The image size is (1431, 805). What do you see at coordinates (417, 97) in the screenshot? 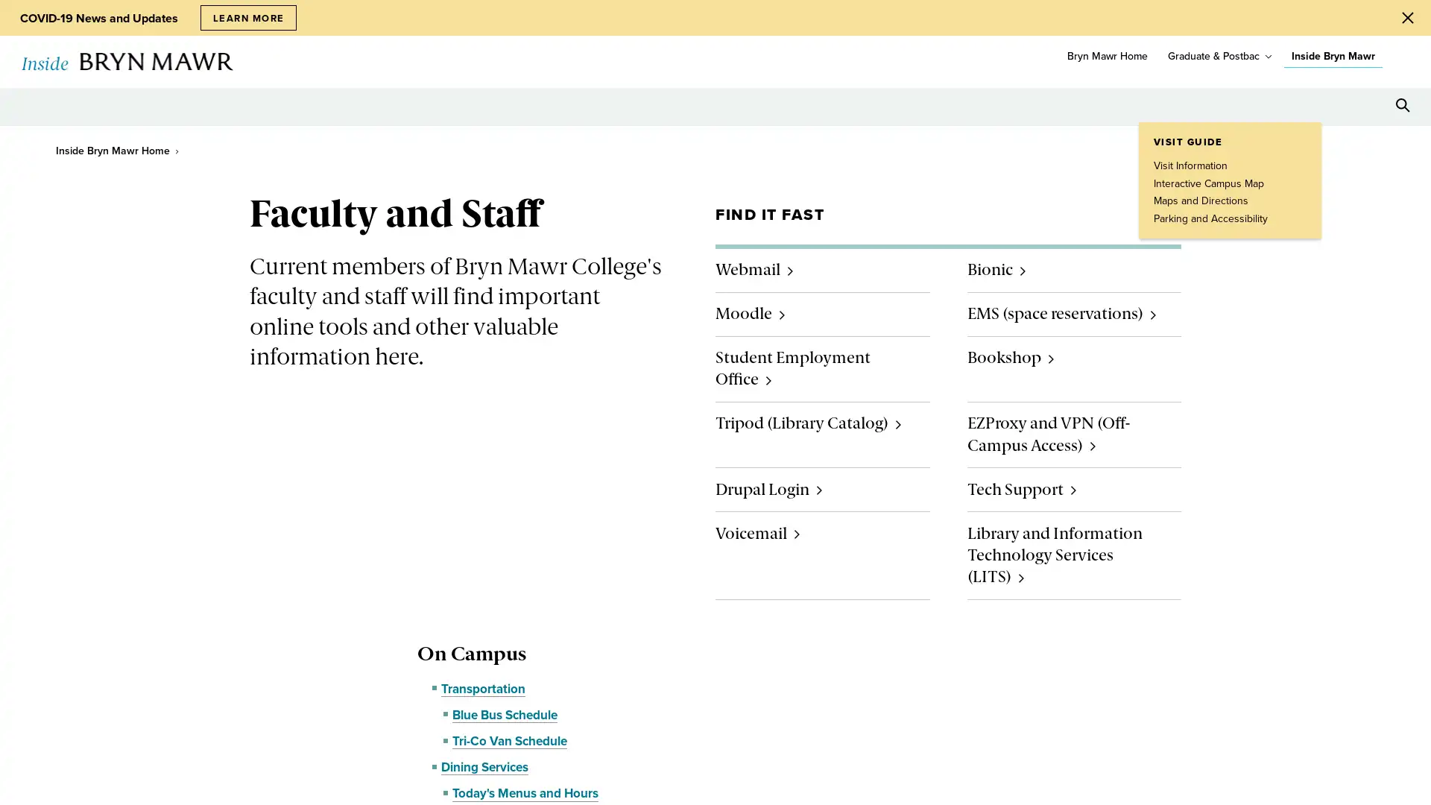
I see `toggle submenu` at bounding box center [417, 97].